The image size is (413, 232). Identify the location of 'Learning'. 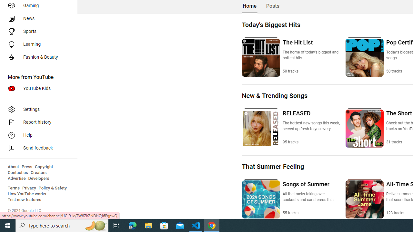
(36, 44).